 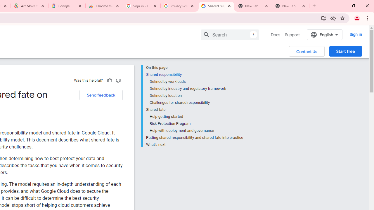 What do you see at coordinates (196, 116) in the screenshot?
I see `'Help getting started'` at bounding box center [196, 116].